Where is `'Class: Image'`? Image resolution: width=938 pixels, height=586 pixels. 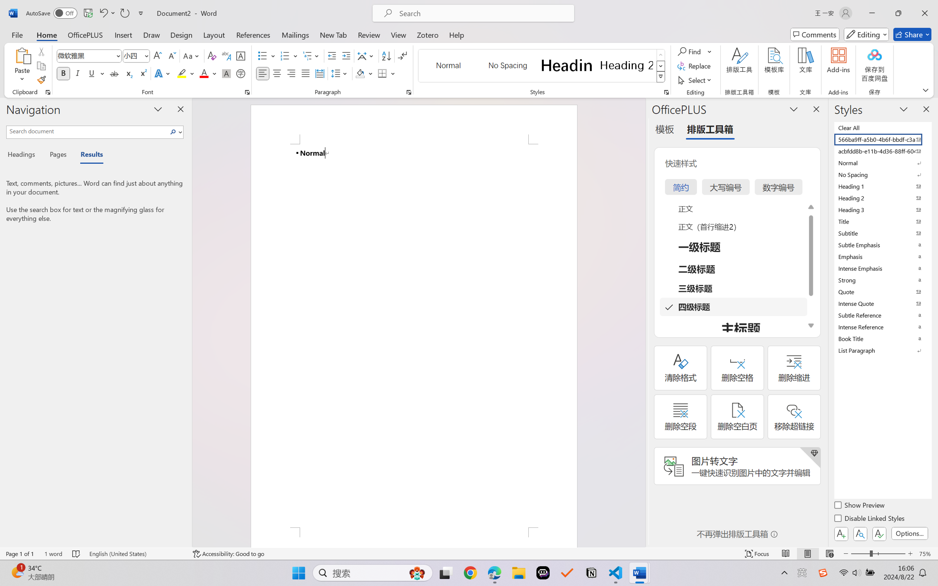
'Class: Image' is located at coordinates (822, 573).